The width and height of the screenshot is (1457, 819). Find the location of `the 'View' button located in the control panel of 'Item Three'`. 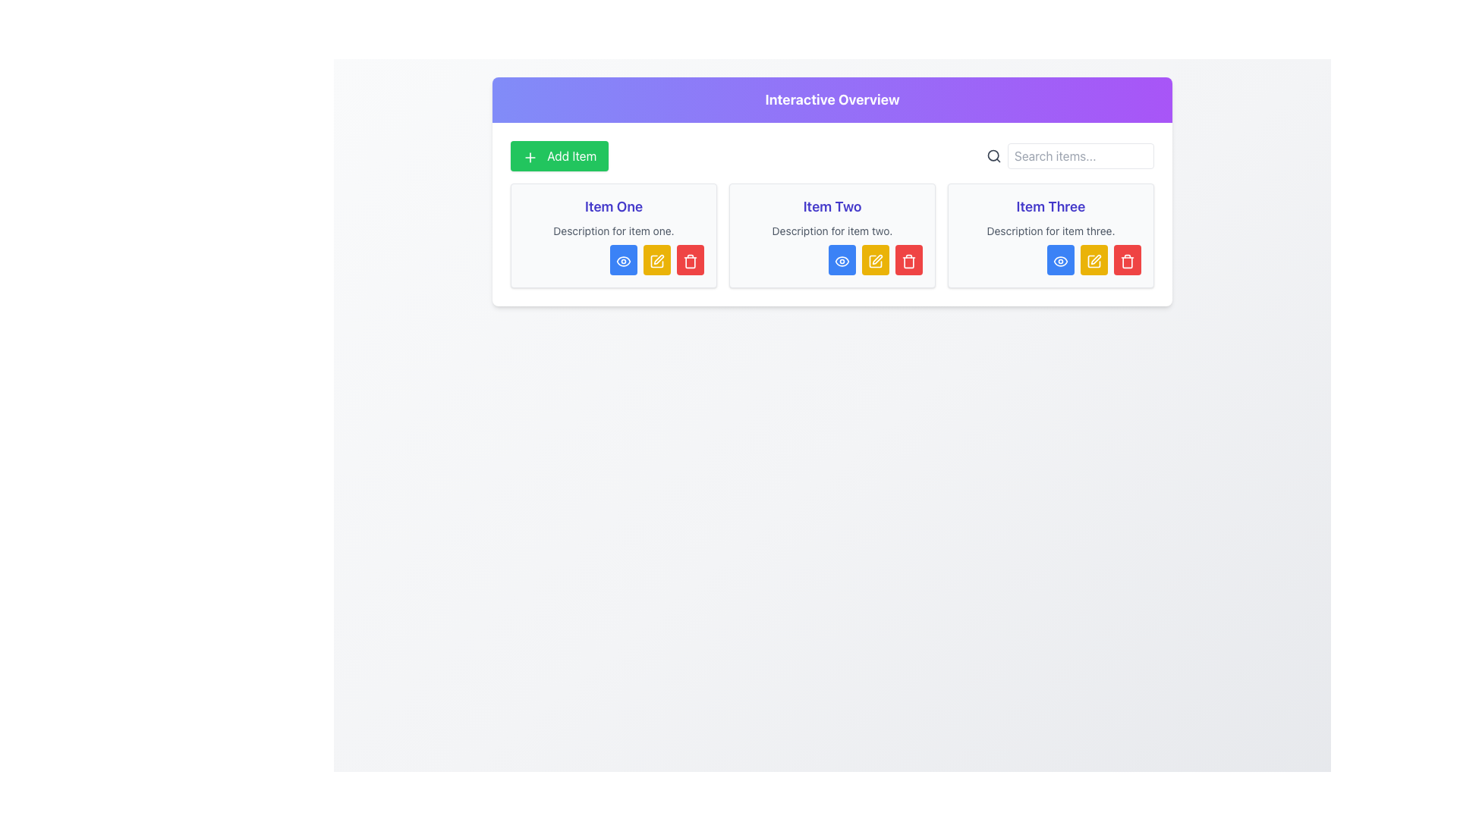

the 'View' button located in the control panel of 'Item Three' is located at coordinates (1059, 259).